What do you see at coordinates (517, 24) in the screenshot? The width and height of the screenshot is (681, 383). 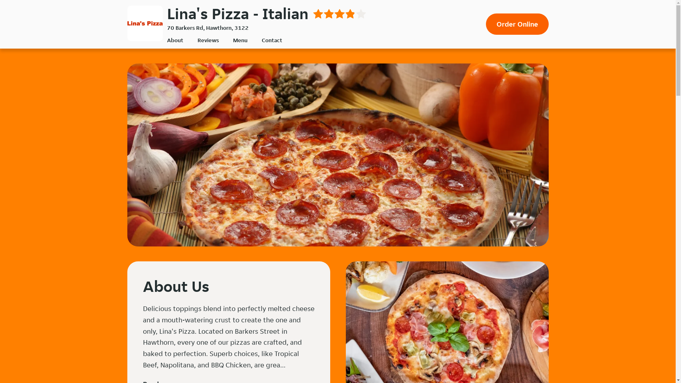 I see `'Order Online'` at bounding box center [517, 24].